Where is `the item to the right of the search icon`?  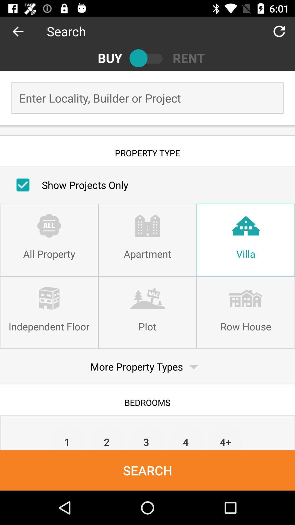
the item to the right of the search icon is located at coordinates (279, 31).